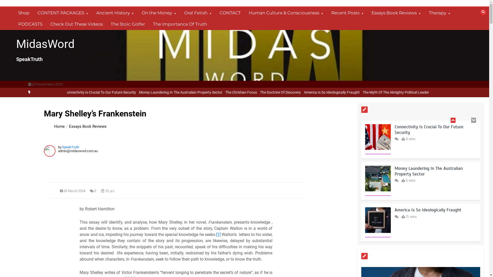 The height and width of the screenshot is (277, 493). I want to click on 'CONTENT PACKAGES', so click(62, 13).